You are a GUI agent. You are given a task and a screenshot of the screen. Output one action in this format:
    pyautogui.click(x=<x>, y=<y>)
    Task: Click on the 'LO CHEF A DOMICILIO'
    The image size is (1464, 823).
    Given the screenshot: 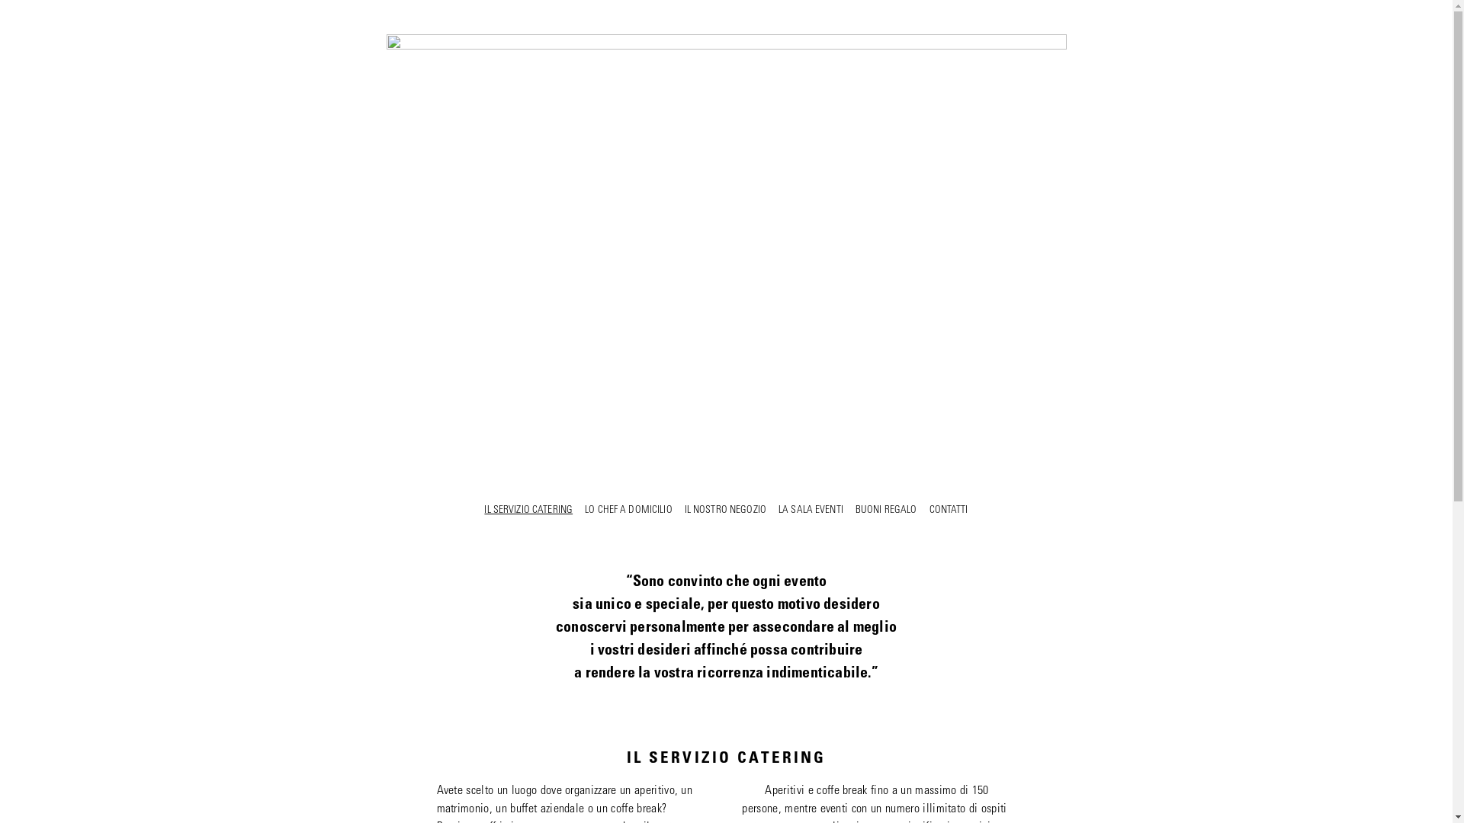 What is the action you would take?
    pyautogui.click(x=628, y=511)
    